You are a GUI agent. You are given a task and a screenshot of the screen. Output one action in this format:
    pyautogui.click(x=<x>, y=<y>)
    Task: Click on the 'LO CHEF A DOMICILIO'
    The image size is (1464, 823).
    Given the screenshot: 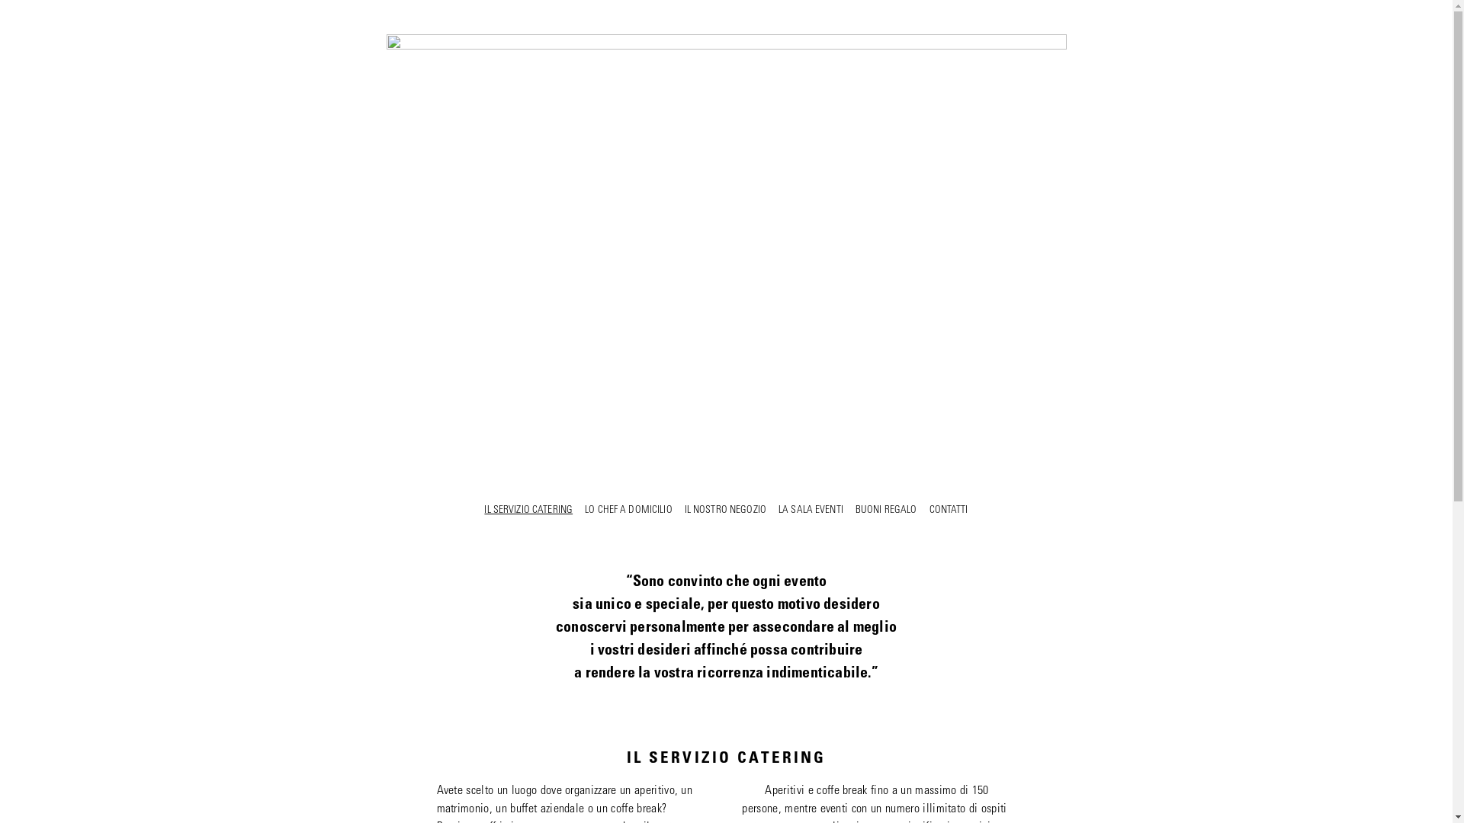 What is the action you would take?
    pyautogui.click(x=628, y=511)
    